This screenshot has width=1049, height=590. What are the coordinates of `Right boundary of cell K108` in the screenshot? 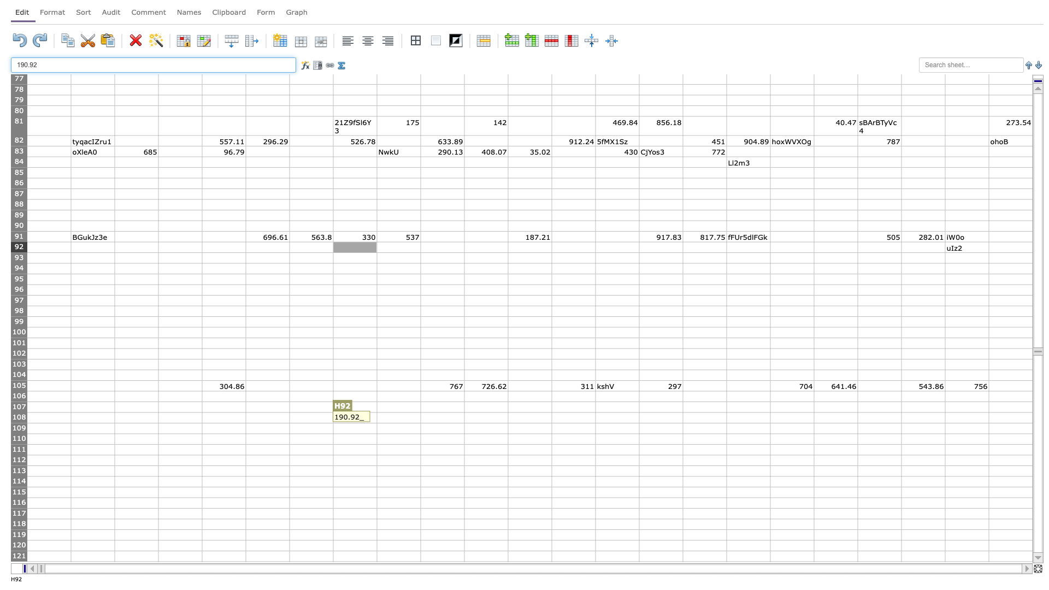 It's located at (508, 417).